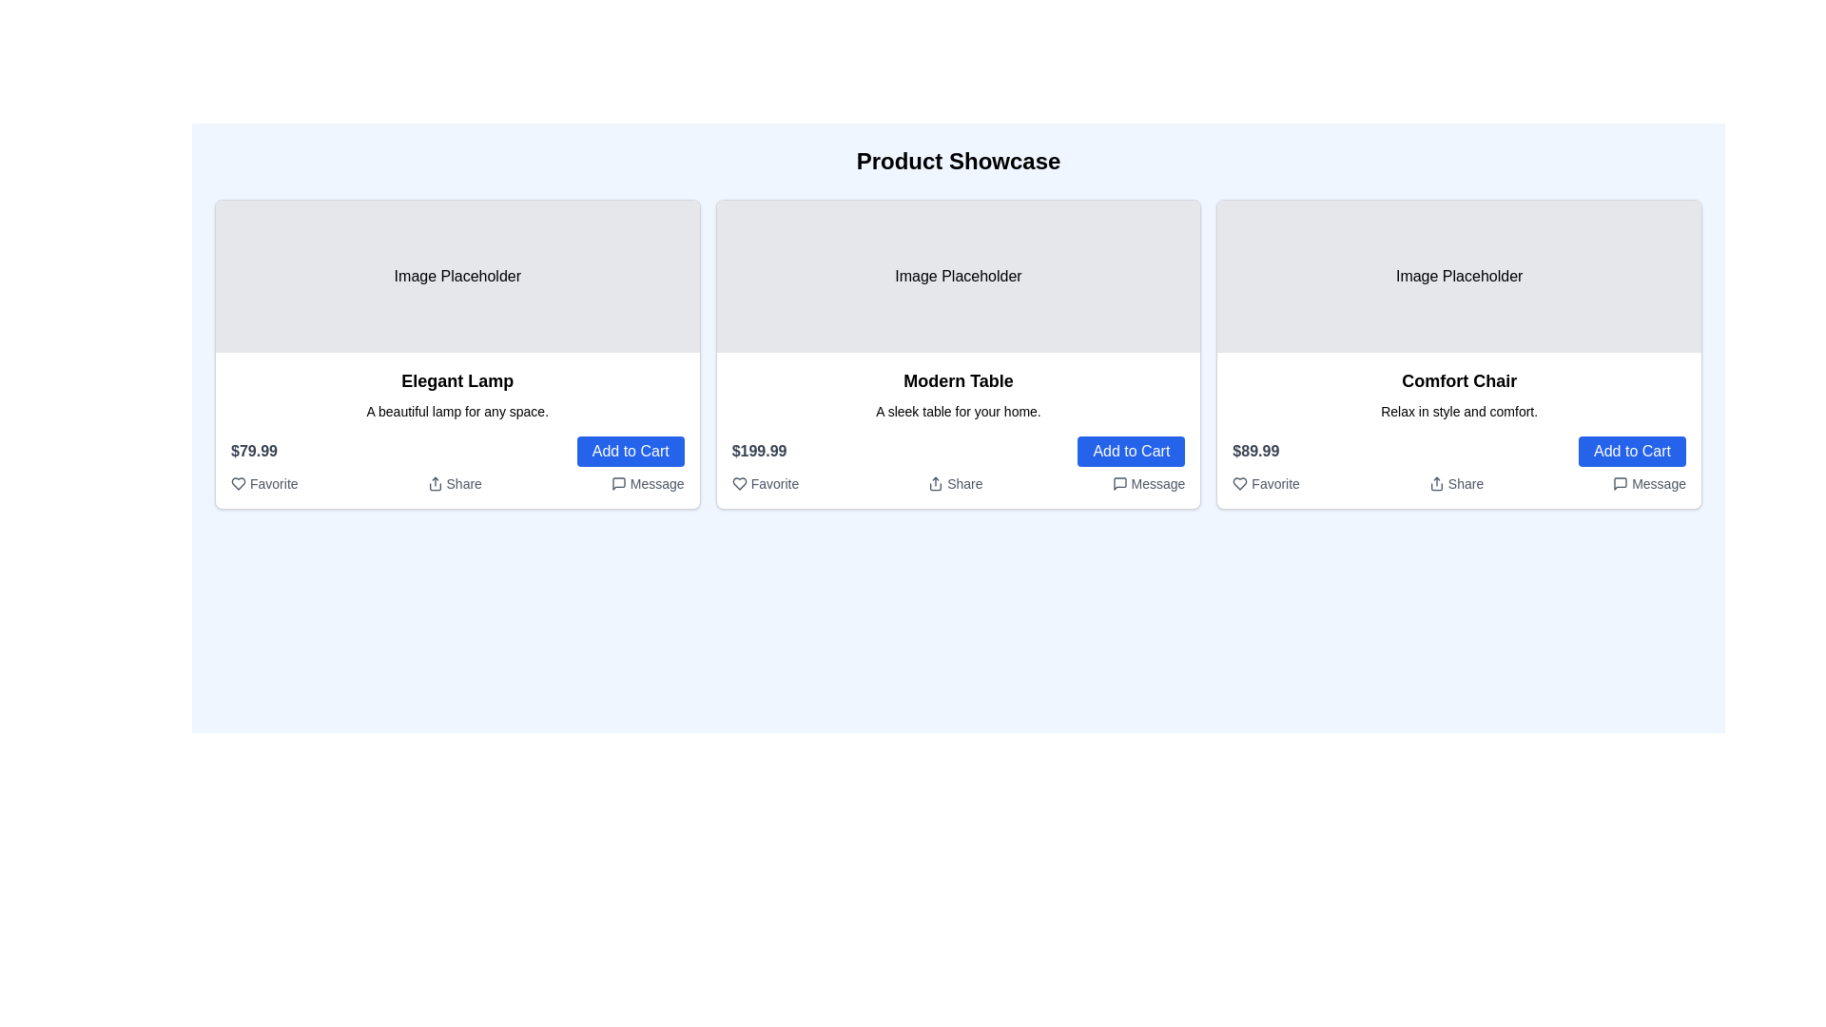 The width and height of the screenshot is (1826, 1027). Describe the element at coordinates (648, 483) in the screenshot. I see `the 'Message' link styled with a speech bubble icon` at that location.